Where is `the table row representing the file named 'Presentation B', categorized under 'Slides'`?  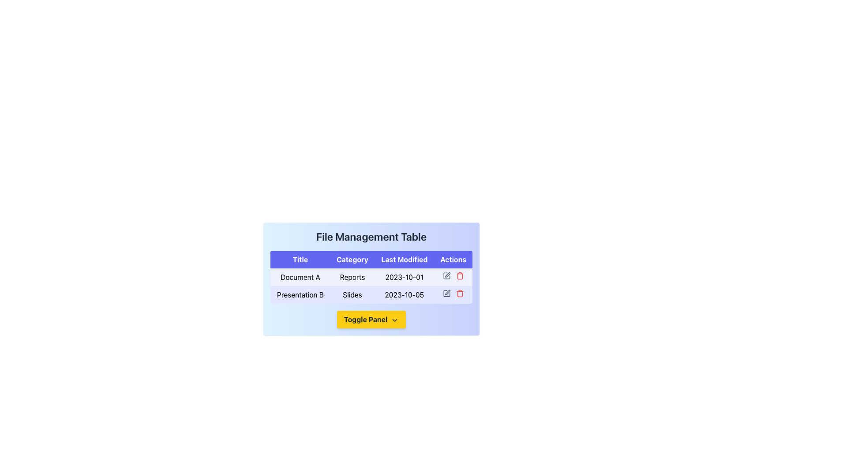 the table row representing the file named 'Presentation B', categorized under 'Slides' is located at coordinates (371, 294).